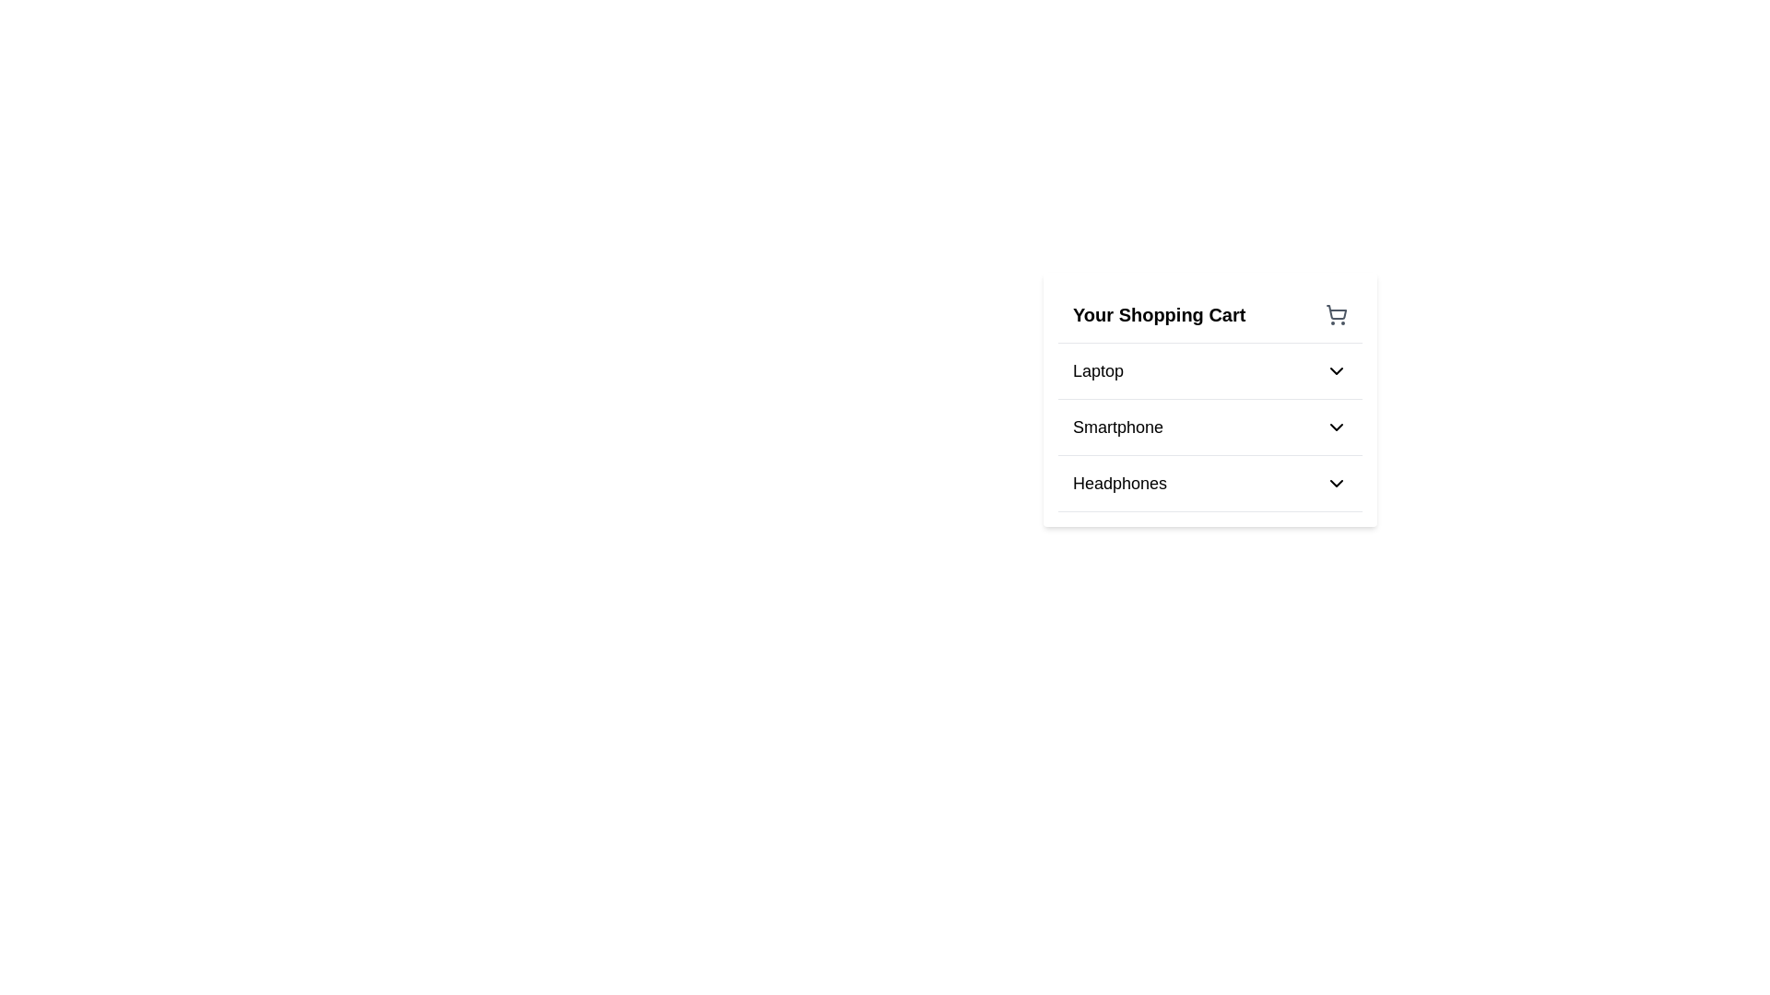 The image size is (1770, 995). I want to click on the 'Laptop' dropdown item located in the shopping cart section, directly beneath 'Your Shopping Cart' title, to access further actions, so click(1210, 370).